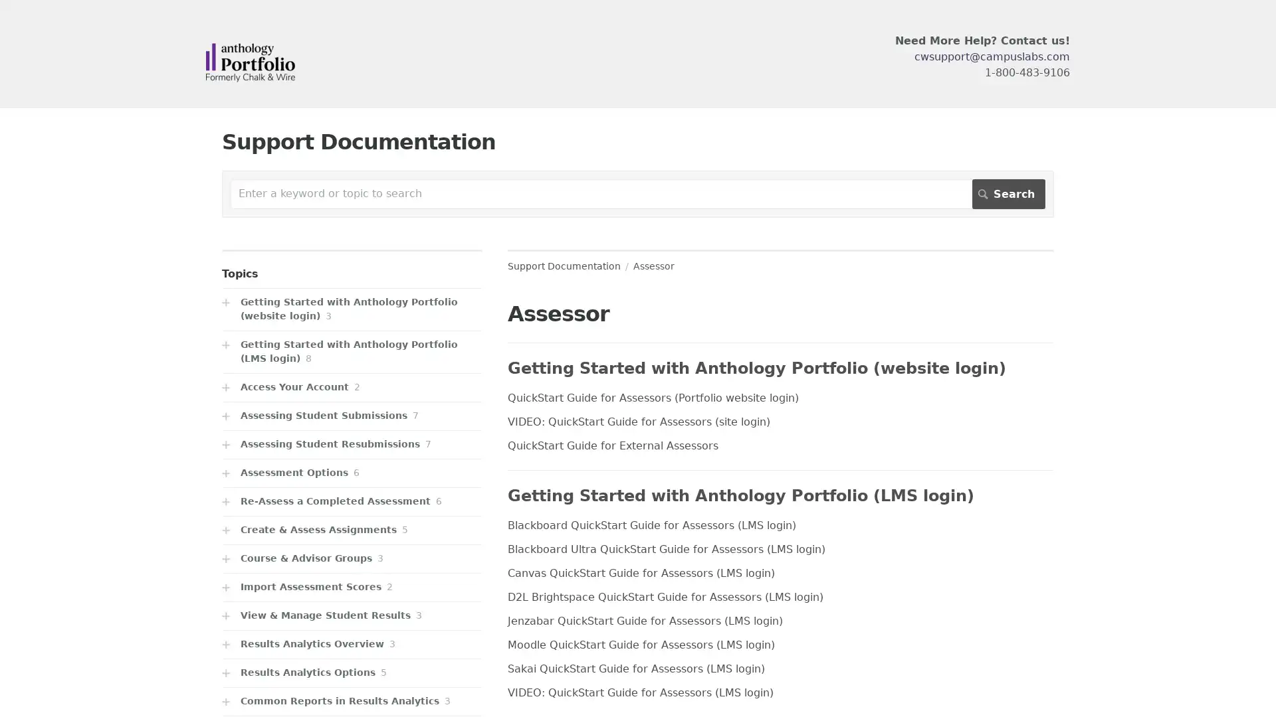 This screenshot has width=1276, height=717. I want to click on Results Analytics Options 5, so click(352, 673).